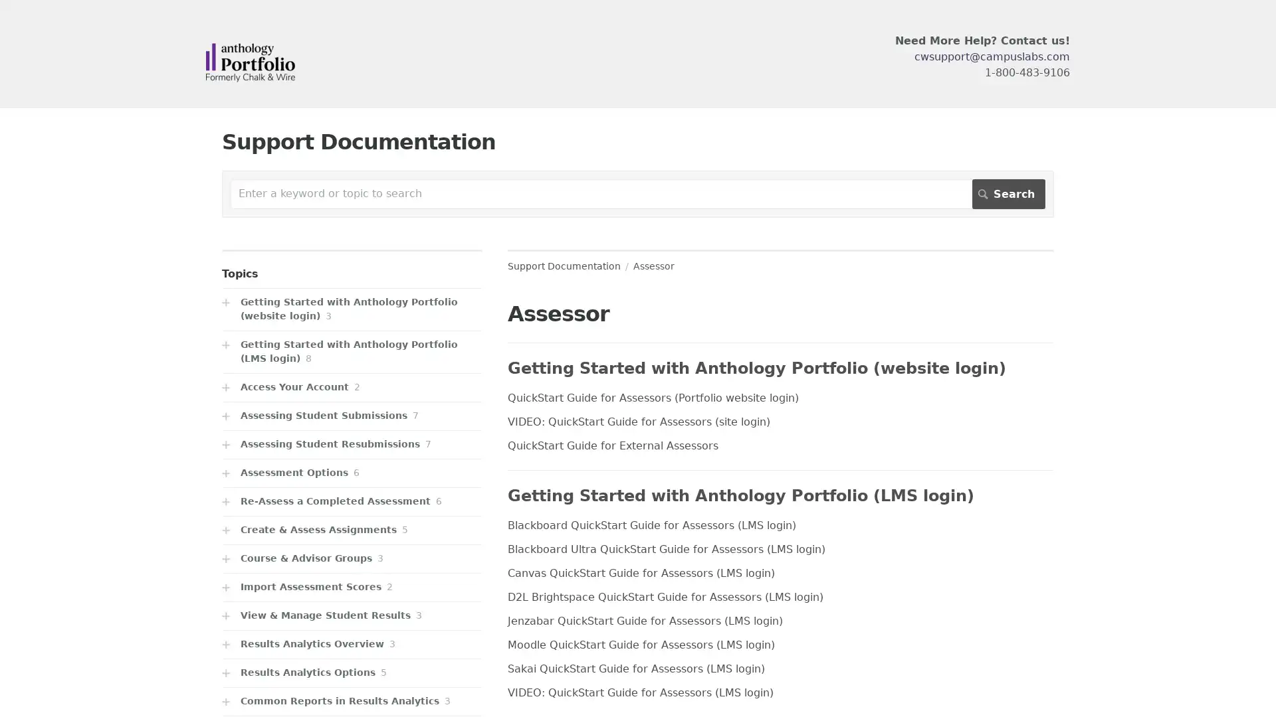 This screenshot has width=1276, height=717. I want to click on Results Analytics Options 5, so click(352, 673).